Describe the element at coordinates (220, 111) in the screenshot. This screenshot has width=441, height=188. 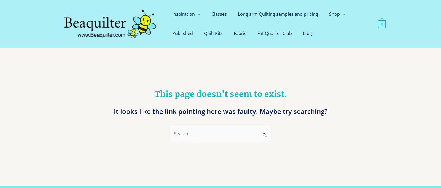
I see `'It looks like the link pointing here was faulty. Maybe try searching?'` at that location.